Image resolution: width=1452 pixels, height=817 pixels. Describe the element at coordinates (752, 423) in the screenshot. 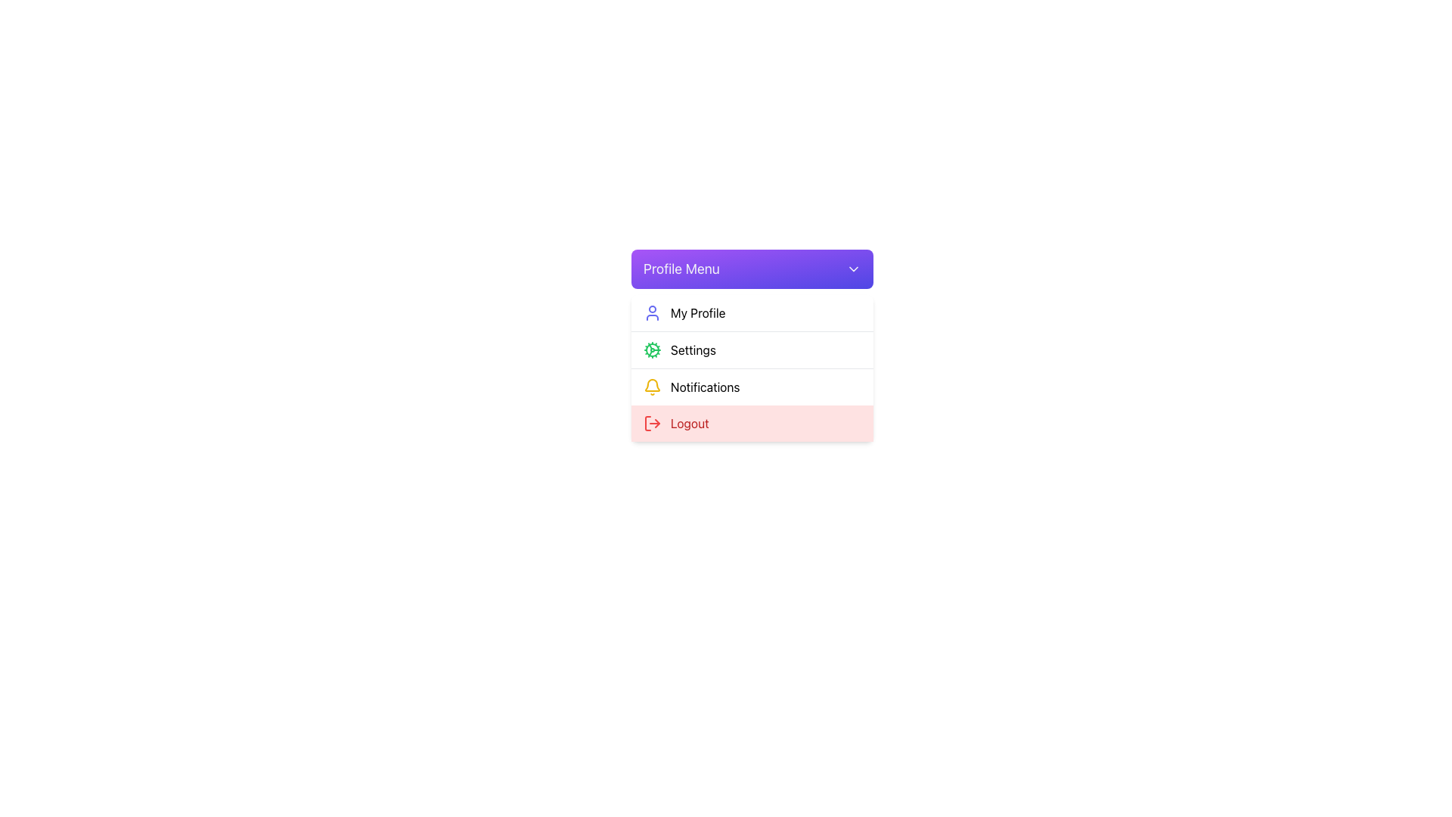

I see `the 'Log Out' menu item located at the bottom of the 'Profile Menu' dropdown to log out of the account` at that location.